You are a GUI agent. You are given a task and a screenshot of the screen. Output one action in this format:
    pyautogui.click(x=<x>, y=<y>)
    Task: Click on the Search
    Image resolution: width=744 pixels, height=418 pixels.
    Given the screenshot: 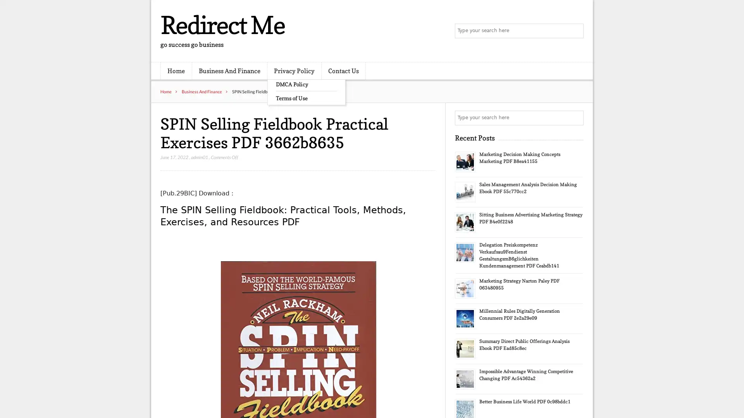 What is the action you would take?
    pyautogui.click(x=575, y=118)
    